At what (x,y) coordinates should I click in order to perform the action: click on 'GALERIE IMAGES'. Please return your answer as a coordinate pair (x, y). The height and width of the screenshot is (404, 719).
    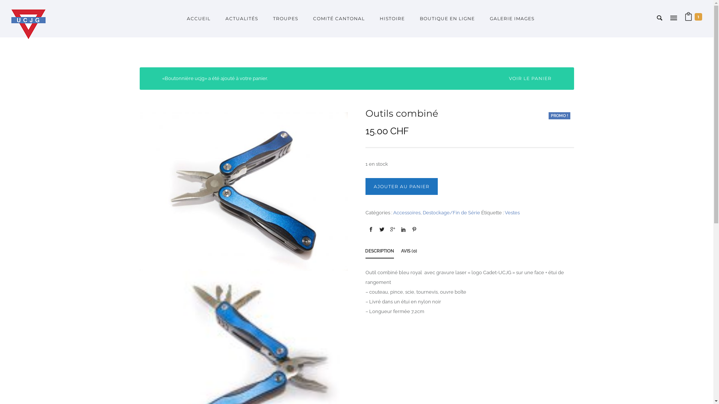
    Looking at the image, I should click on (508, 18).